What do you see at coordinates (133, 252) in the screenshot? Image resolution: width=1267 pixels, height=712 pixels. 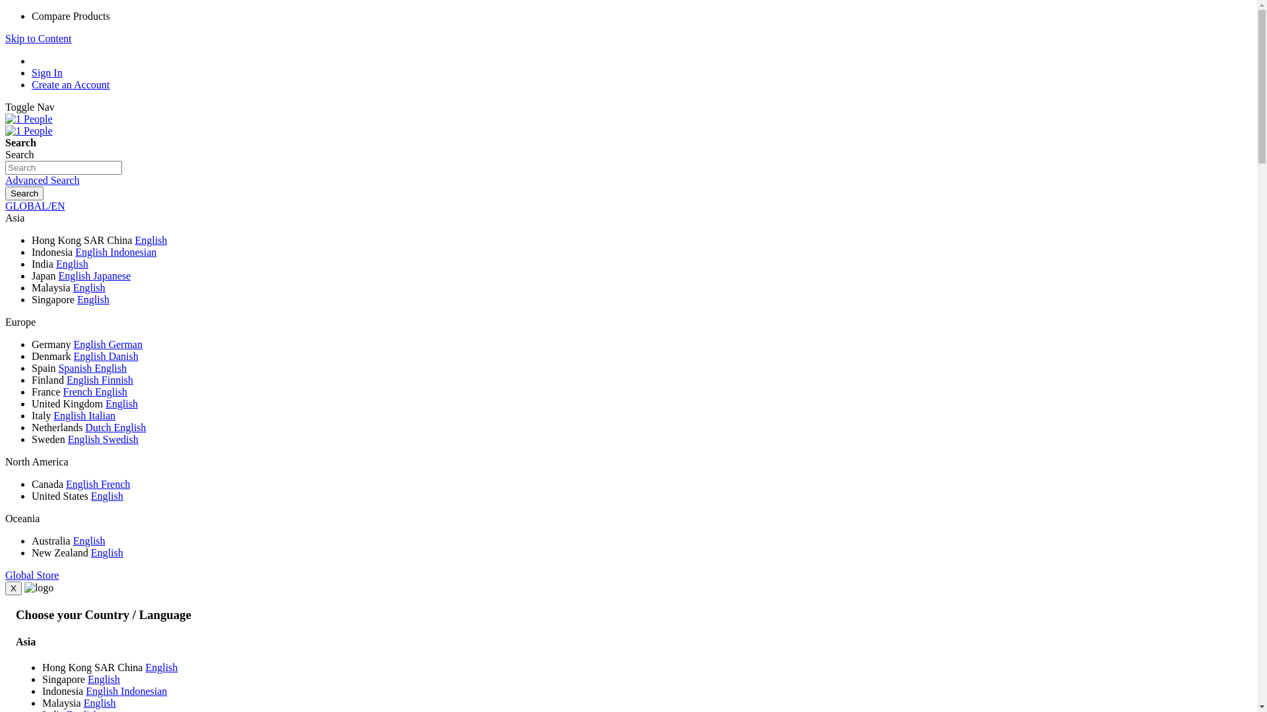 I see `'Indonesian'` at bounding box center [133, 252].